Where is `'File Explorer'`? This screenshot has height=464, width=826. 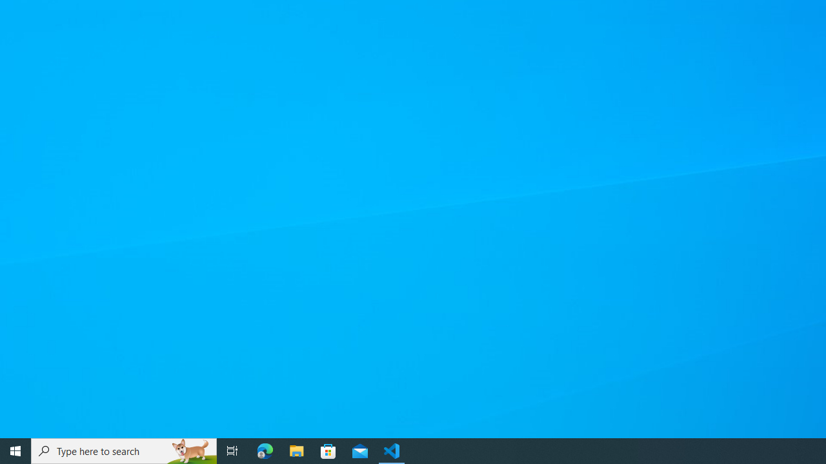 'File Explorer' is located at coordinates (296, 450).